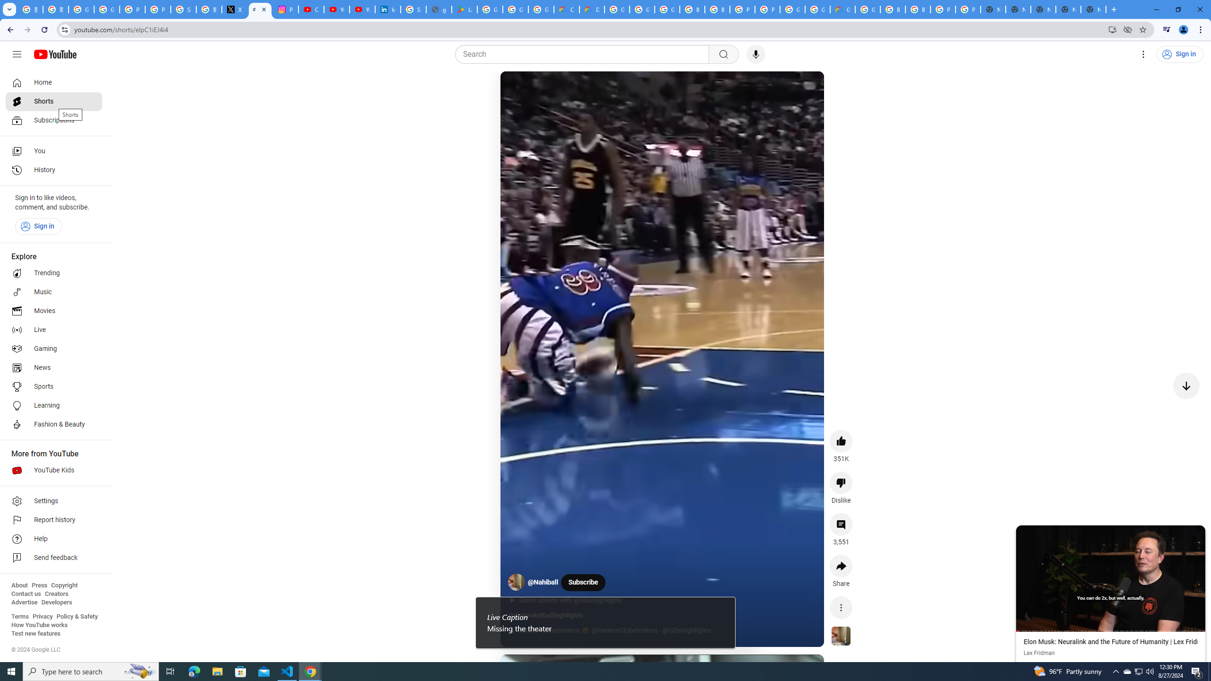 Image resolution: width=1211 pixels, height=681 pixels. What do you see at coordinates (53, 82) in the screenshot?
I see `'Home'` at bounding box center [53, 82].